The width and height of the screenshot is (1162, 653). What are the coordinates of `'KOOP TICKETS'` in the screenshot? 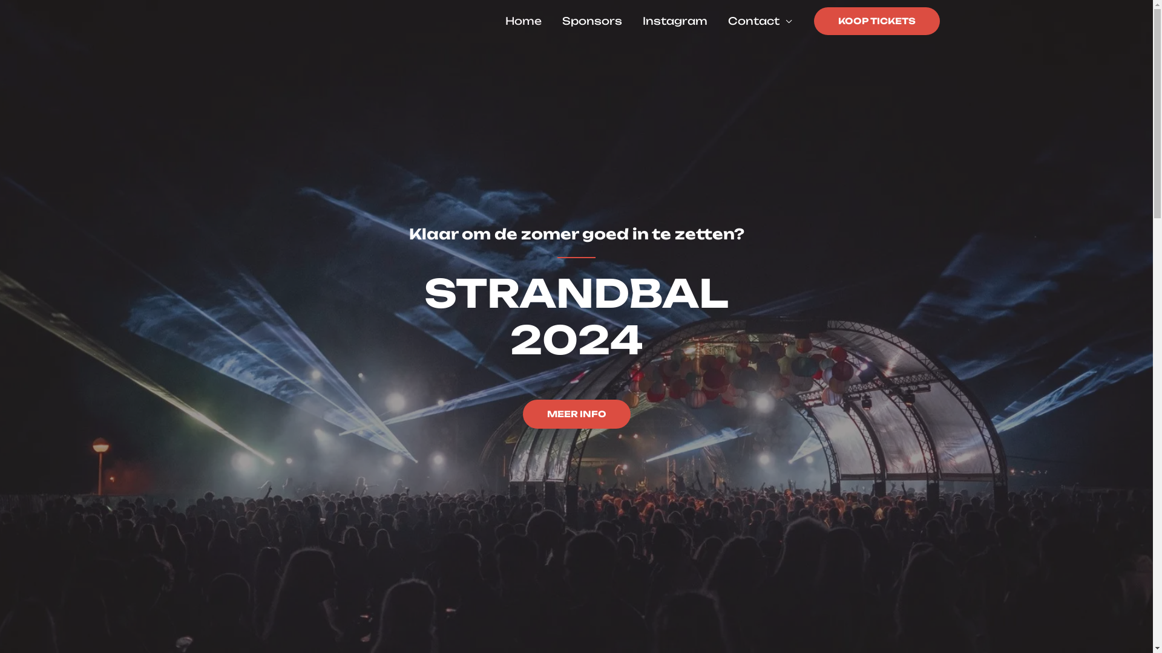 It's located at (876, 21).